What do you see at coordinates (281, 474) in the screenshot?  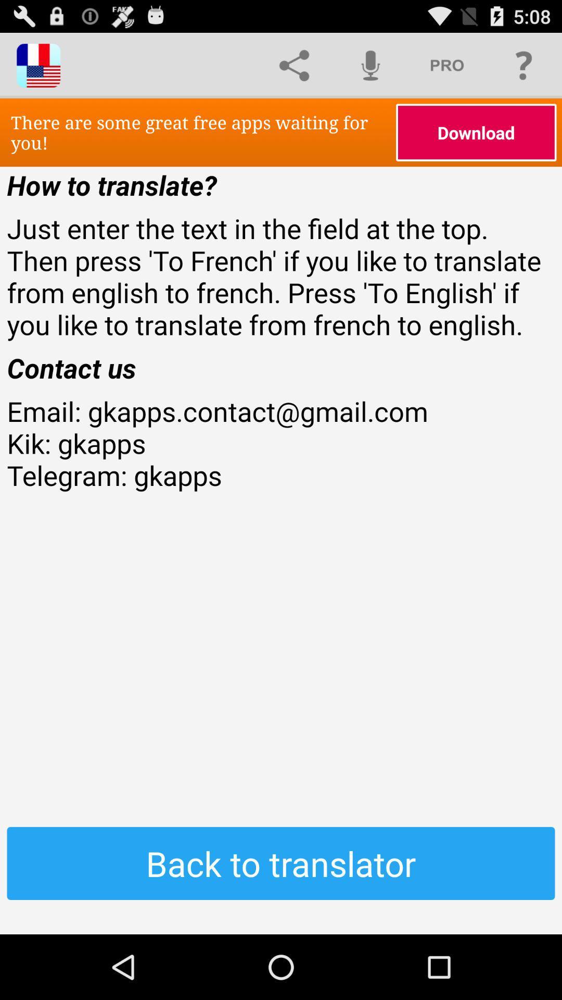 I see `the email gkapps contact icon` at bounding box center [281, 474].